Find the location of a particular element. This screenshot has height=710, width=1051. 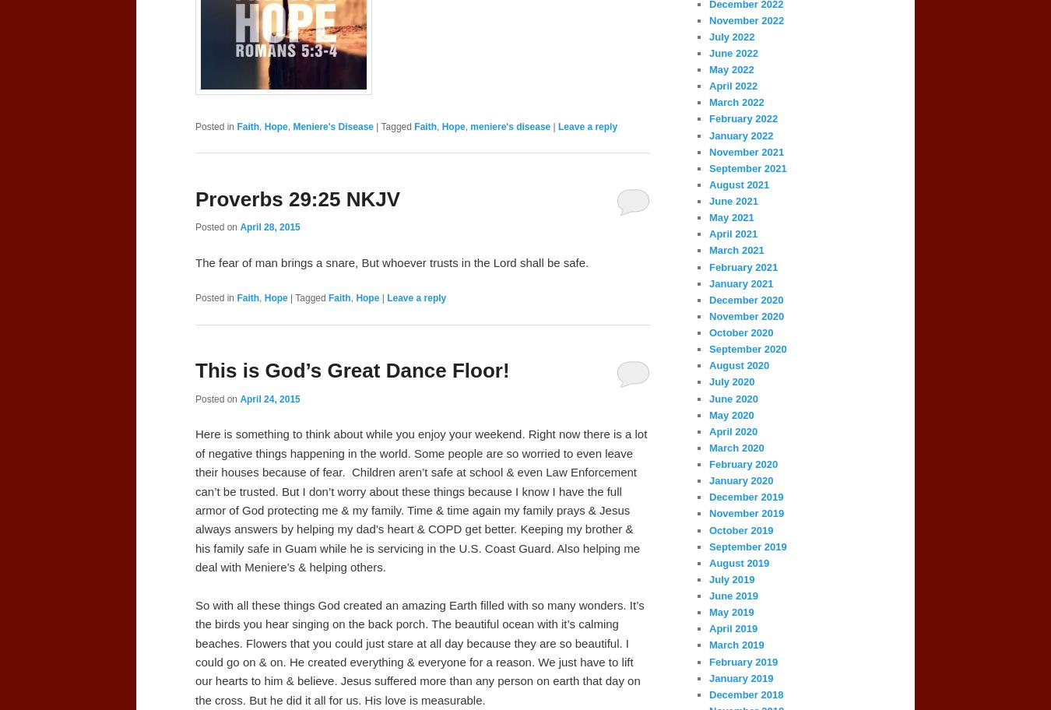

'April 24, 2015' is located at coordinates (269, 399).